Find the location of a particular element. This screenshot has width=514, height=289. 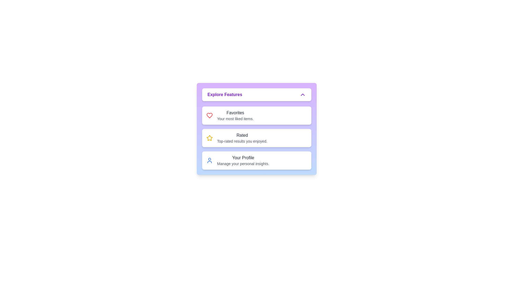

the star icon, which is yellow and has rounded edges, located to the left of the text 'Rated' in the vertically stacked menu is located at coordinates (209, 138).